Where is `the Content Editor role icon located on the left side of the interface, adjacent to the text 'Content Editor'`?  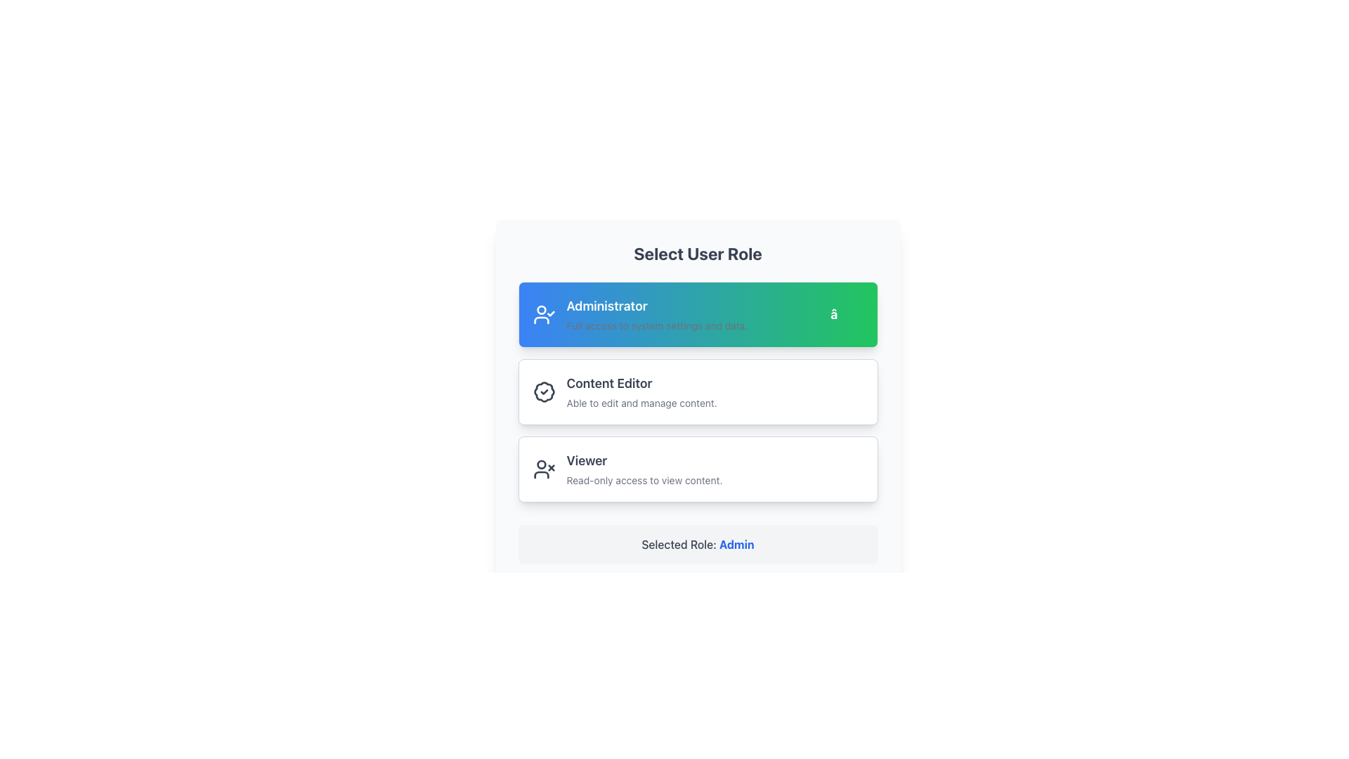 the Content Editor role icon located on the left side of the interface, adjacent to the text 'Content Editor' is located at coordinates (543, 392).